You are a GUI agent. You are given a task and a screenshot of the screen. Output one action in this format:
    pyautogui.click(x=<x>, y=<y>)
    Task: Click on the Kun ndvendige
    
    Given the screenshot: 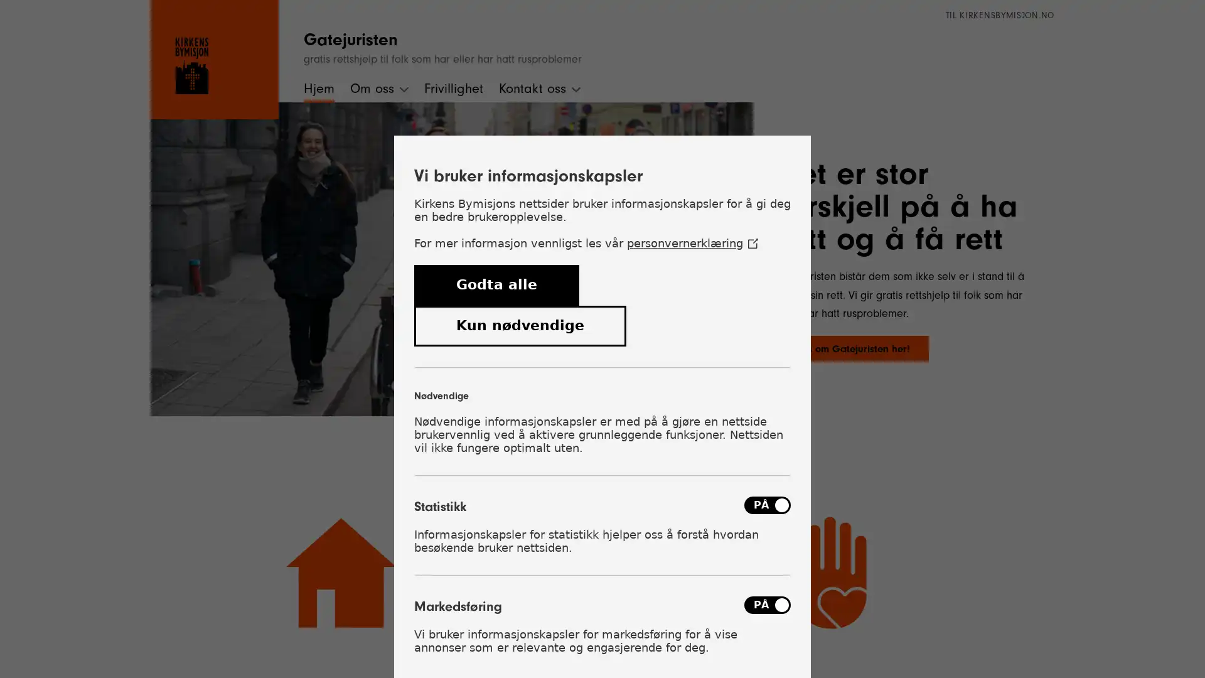 What is the action you would take?
    pyautogui.click(x=520, y=325)
    